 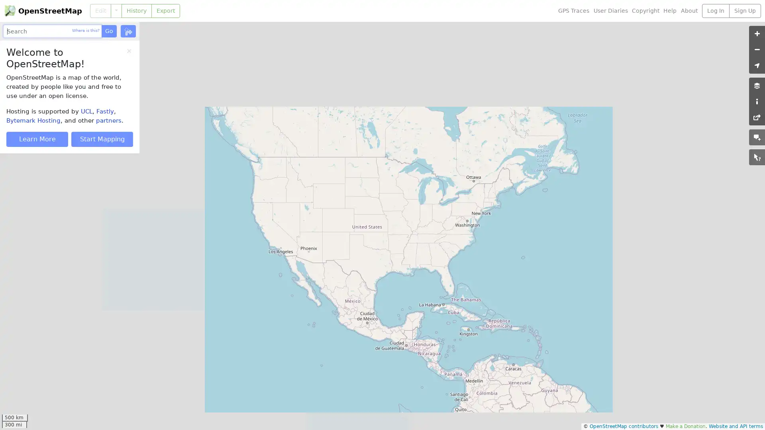 What do you see at coordinates (108, 31) in the screenshot?
I see `Go` at bounding box center [108, 31].